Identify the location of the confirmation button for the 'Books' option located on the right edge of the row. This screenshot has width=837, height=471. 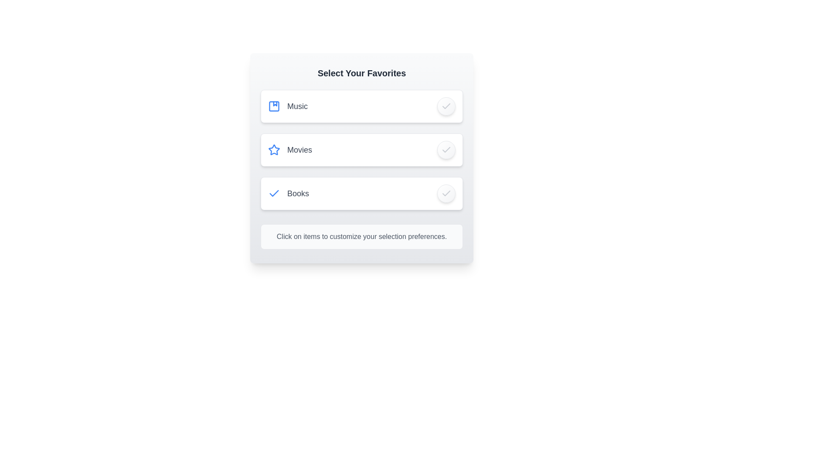
(446, 193).